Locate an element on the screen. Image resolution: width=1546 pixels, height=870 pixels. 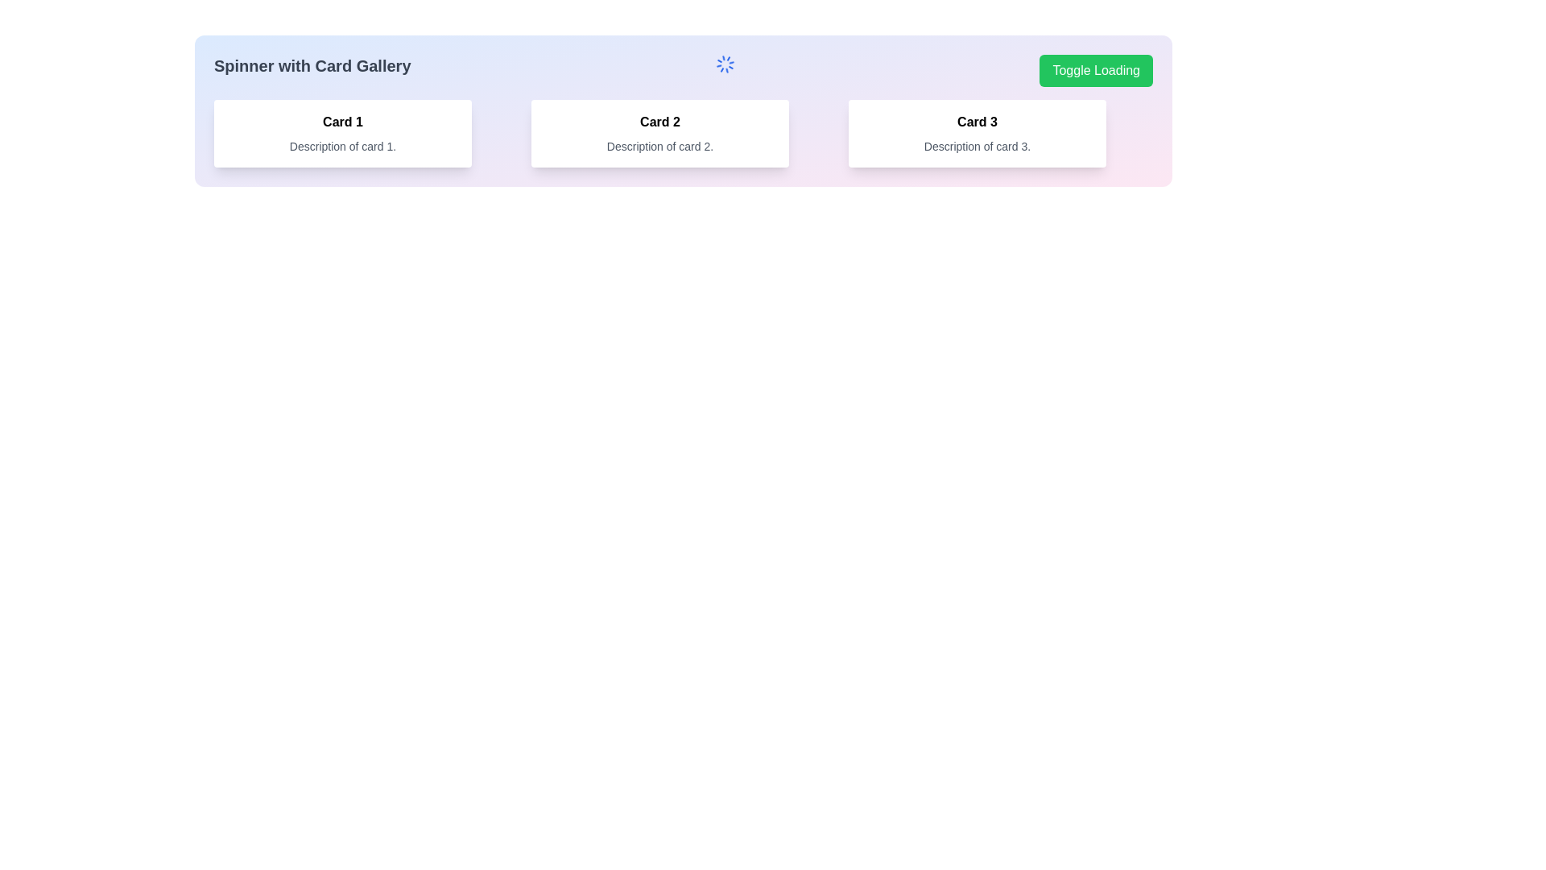
the Informational card labeled 'Card 1', which is the first card in a grid with a white background and rounded corners is located at coordinates (342, 132).